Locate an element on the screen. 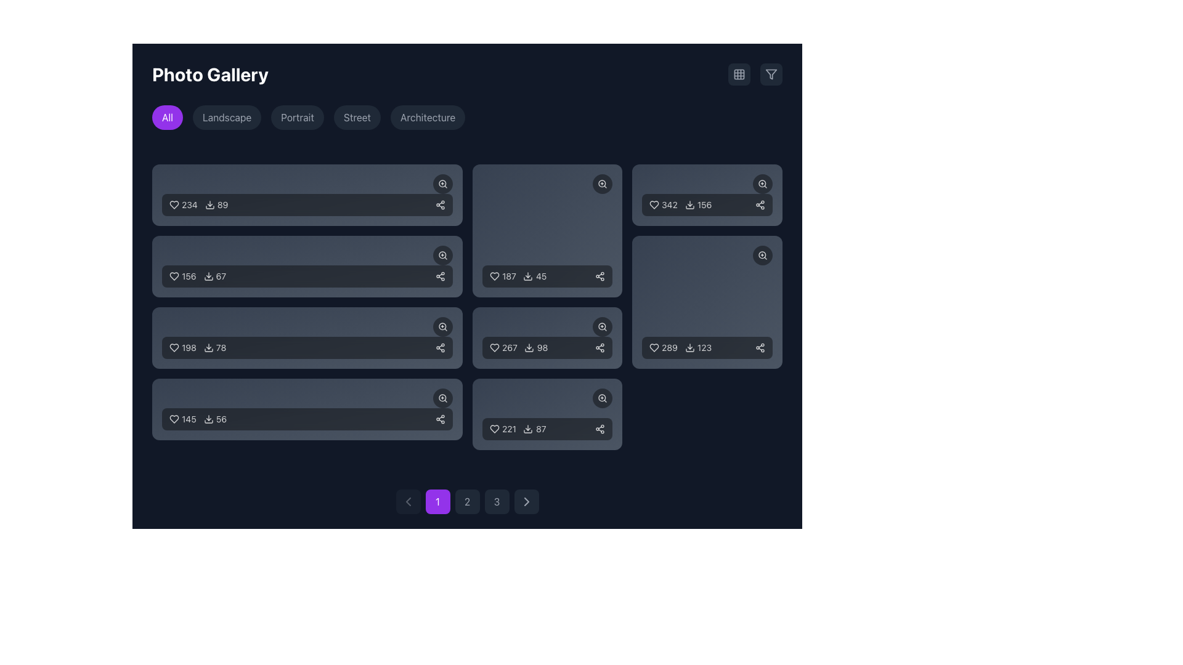 The image size is (1183, 665). value of the Text label displaying '89', which is styled with a small font and white color, located in the upper left section of the dark-themed user interface is located at coordinates (222, 204).